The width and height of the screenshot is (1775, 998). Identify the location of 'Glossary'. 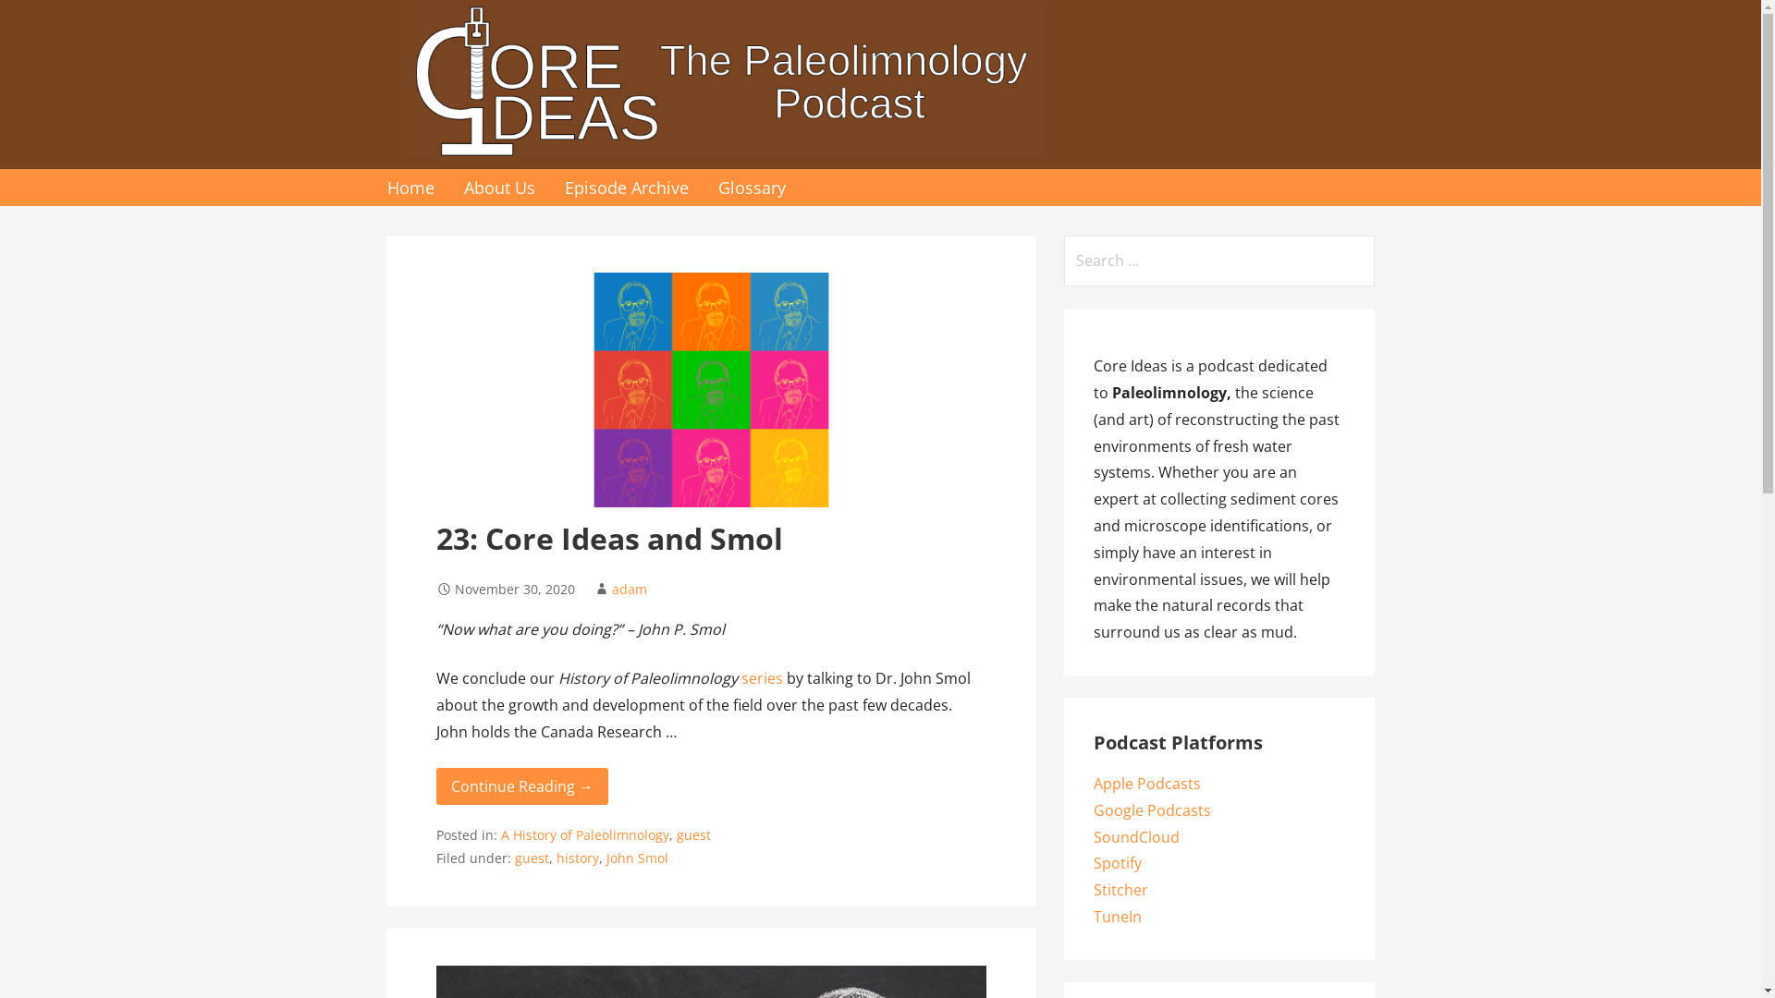
(751, 188).